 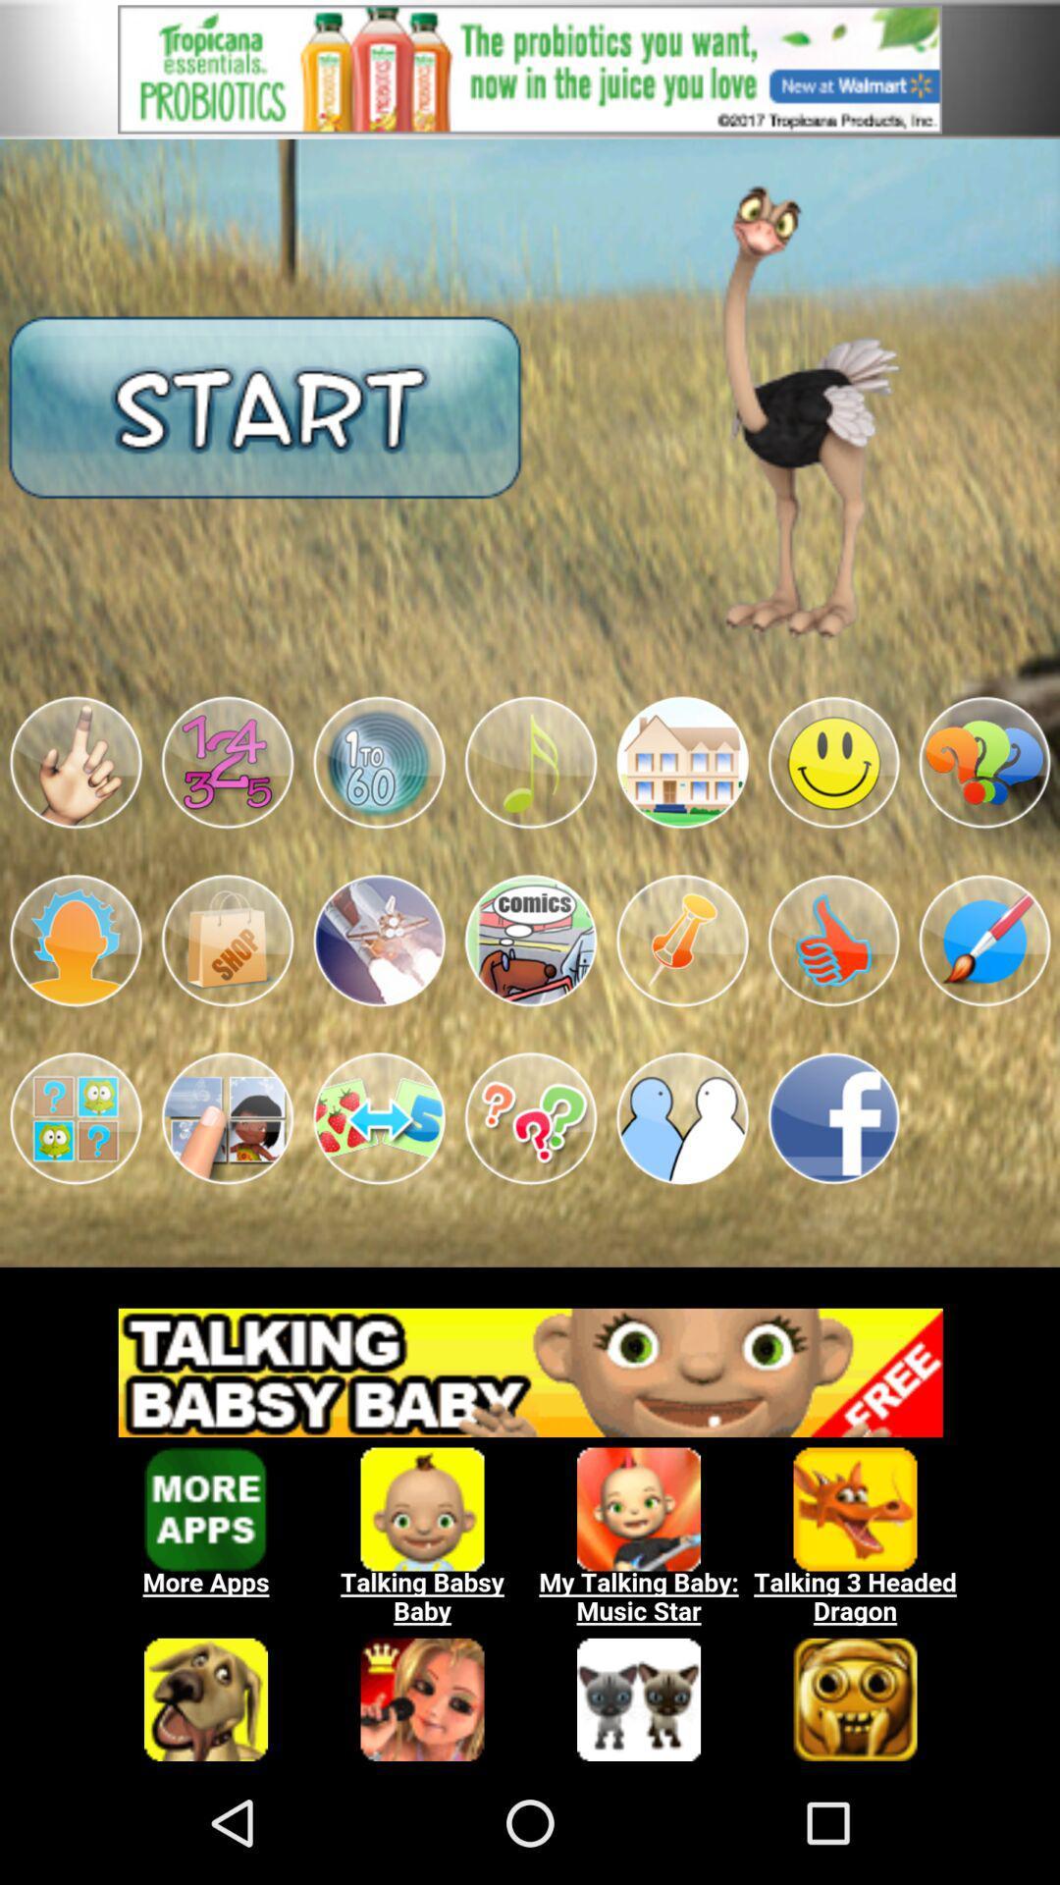 I want to click on the settings icon, so click(x=379, y=816).